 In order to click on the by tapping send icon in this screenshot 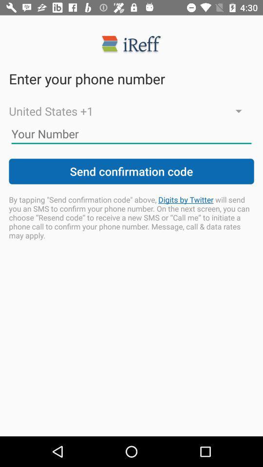, I will do `click(131, 217)`.